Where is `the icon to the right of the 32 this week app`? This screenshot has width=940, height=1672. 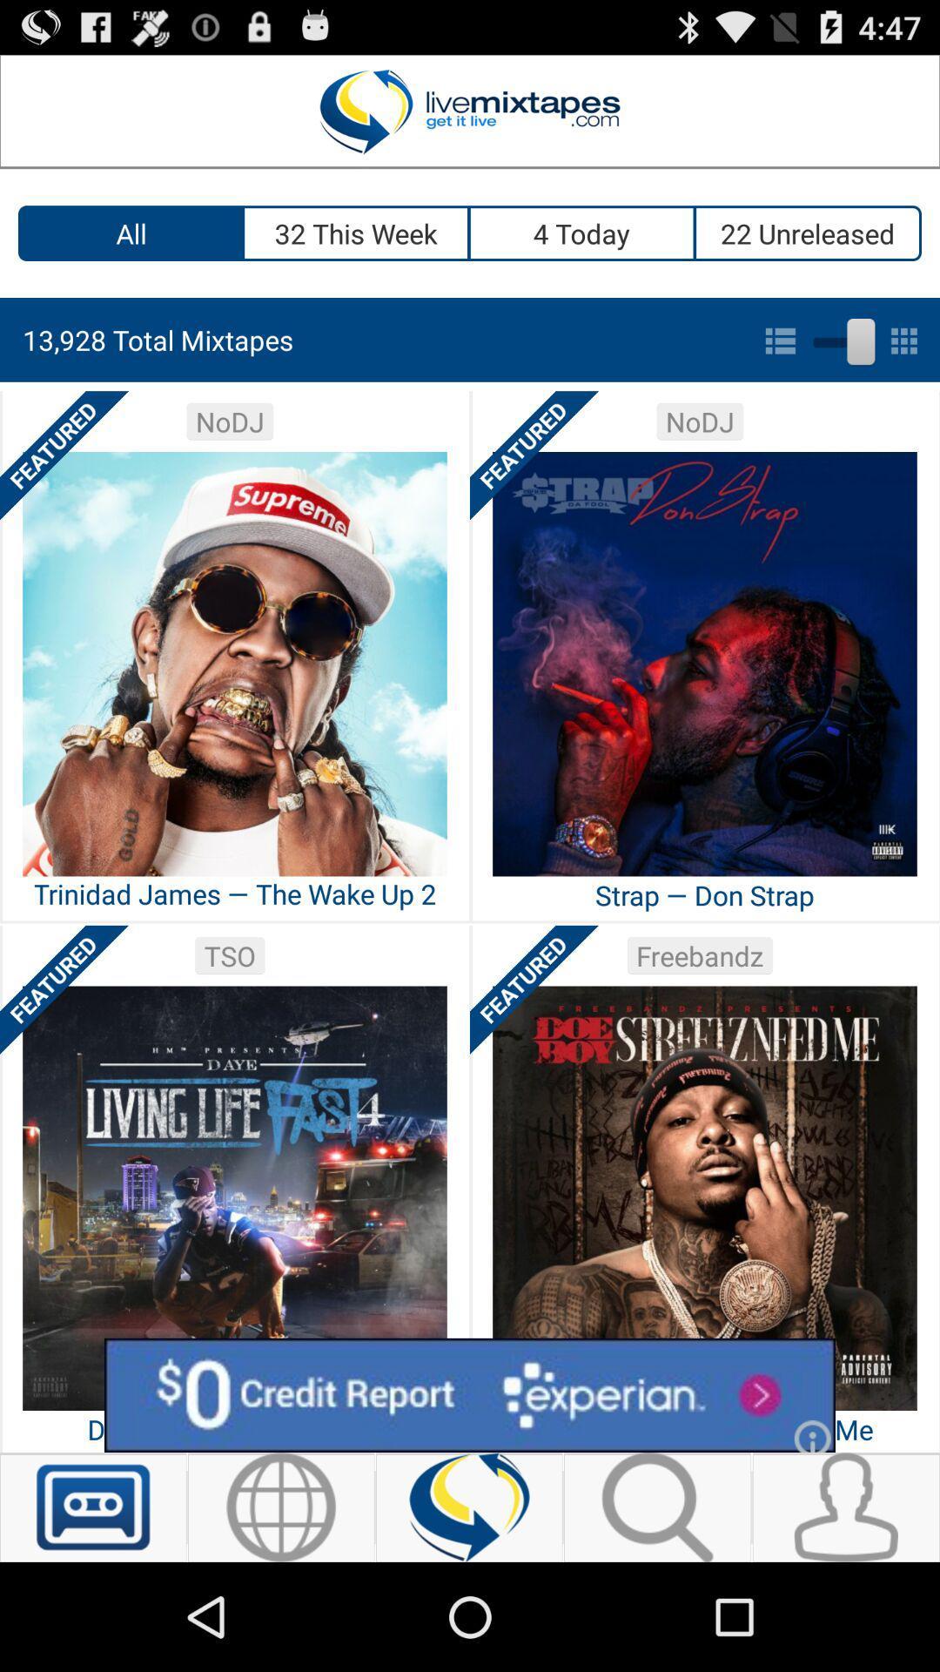
the icon to the right of the 32 this week app is located at coordinates (582, 233).